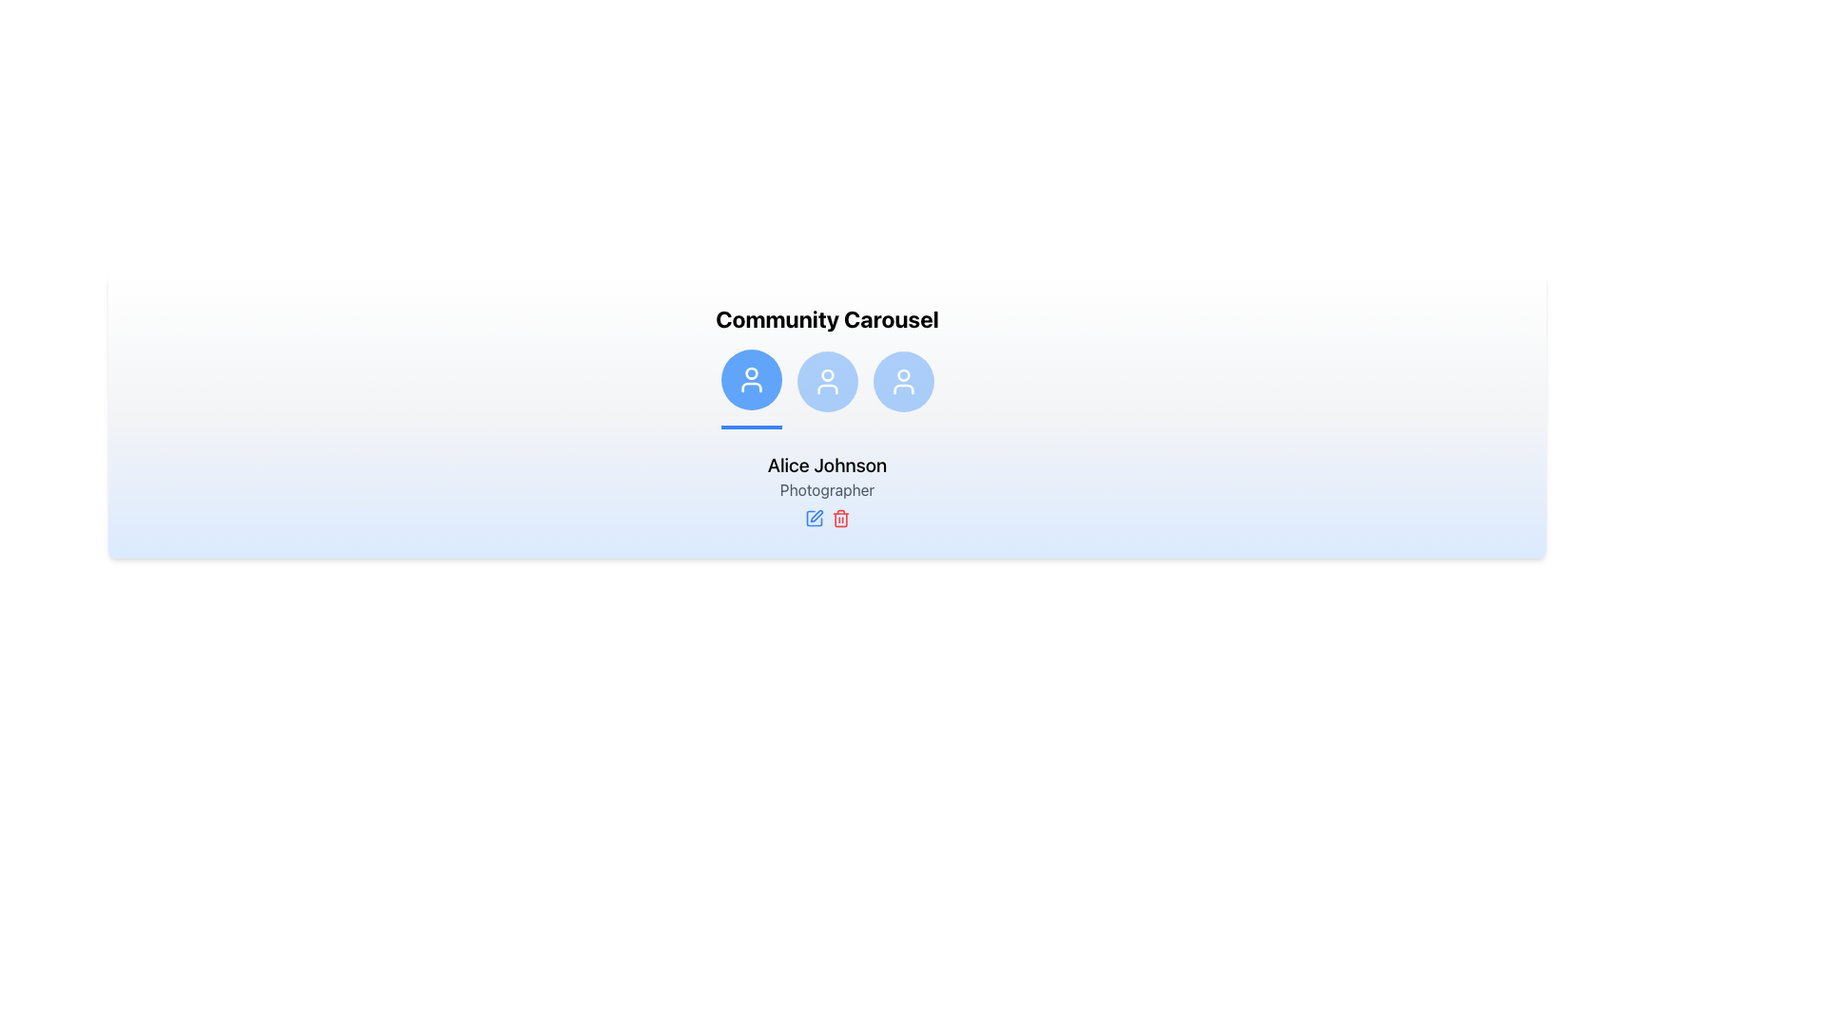 This screenshot has height=1026, width=1825. Describe the element at coordinates (827, 465) in the screenshot. I see `the static text label displaying the name 'Alice Johnson' in the user profile card` at that location.